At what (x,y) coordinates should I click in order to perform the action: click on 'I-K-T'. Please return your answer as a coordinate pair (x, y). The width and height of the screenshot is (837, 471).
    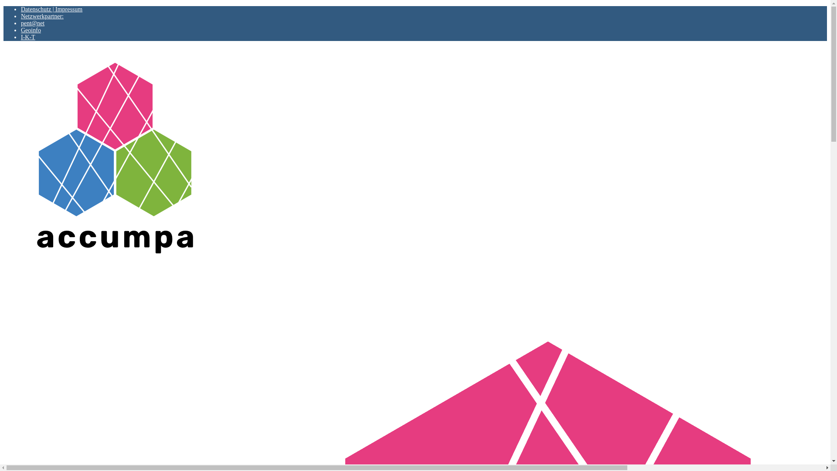
    Looking at the image, I should click on (28, 37).